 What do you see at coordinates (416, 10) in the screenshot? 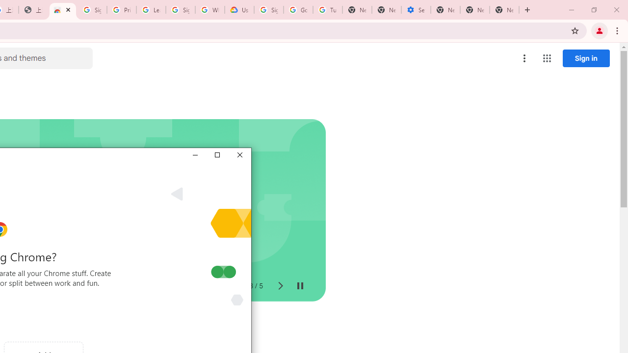
I see `'Settings - Addresses and more'` at bounding box center [416, 10].